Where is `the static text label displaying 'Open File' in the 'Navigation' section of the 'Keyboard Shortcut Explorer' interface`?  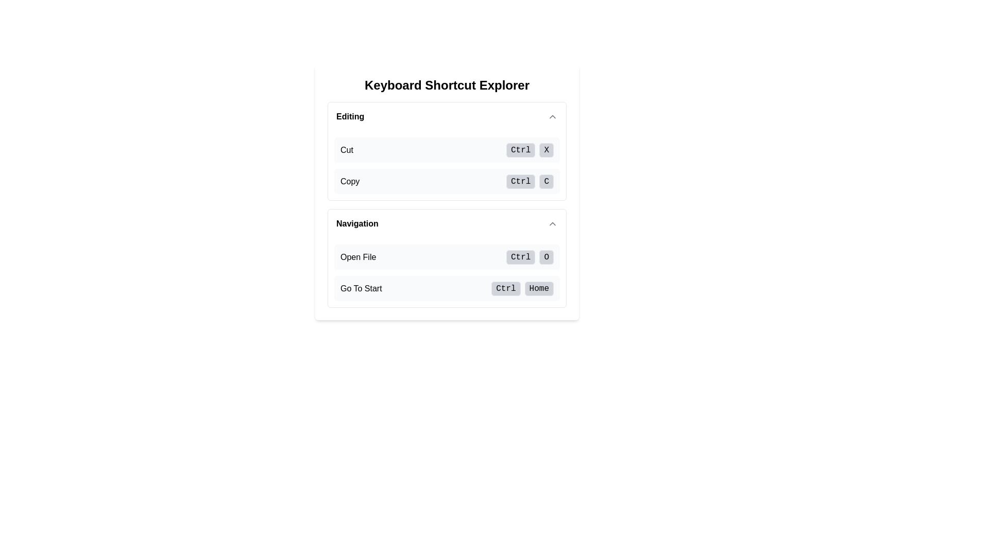 the static text label displaying 'Open File' in the 'Navigation' section of the 'Keyboard Shortcut Explorer' interface is located at coordinates (358, 256).